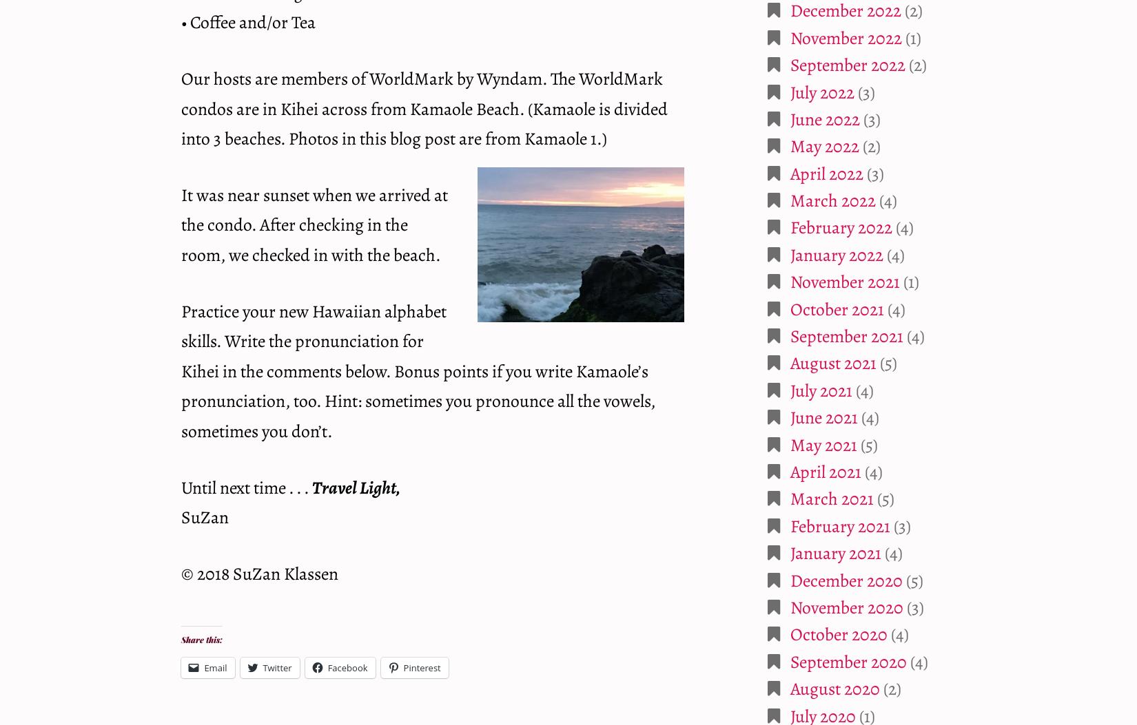  Describe the element at coordinates (423, 107) in the screenshot. I see `'Our hosts are members of WorldMark by Wyndam. The WorldMark condos are in Kihei across from Kamaole Beach. (Kamaole is divided into 3 beaches. Photos in this blog post are from Kamaole 1.)'` at that location.